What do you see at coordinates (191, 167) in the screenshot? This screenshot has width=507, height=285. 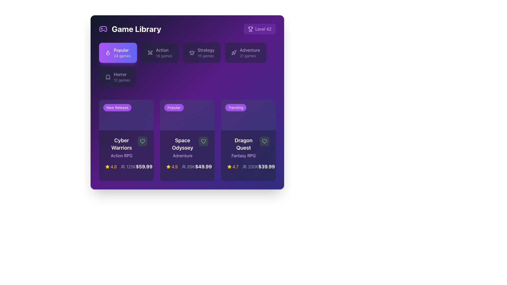 I see `text label showing '89K', which indicates the popularity metrics next to the user icon in the 'Space Odyssey' card` at bounding box center [191, 167].